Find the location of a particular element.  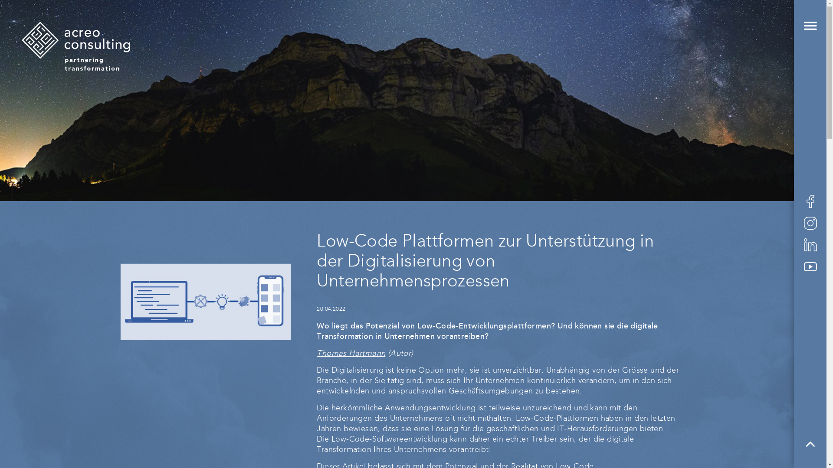

'acreo consulting ag' is located at coordinates (75, 46).